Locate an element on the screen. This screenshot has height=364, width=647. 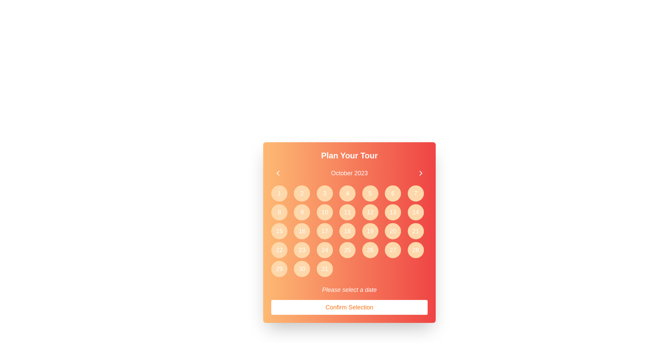
the circular button displaying the number '4' is located at coordinates (347, 193).